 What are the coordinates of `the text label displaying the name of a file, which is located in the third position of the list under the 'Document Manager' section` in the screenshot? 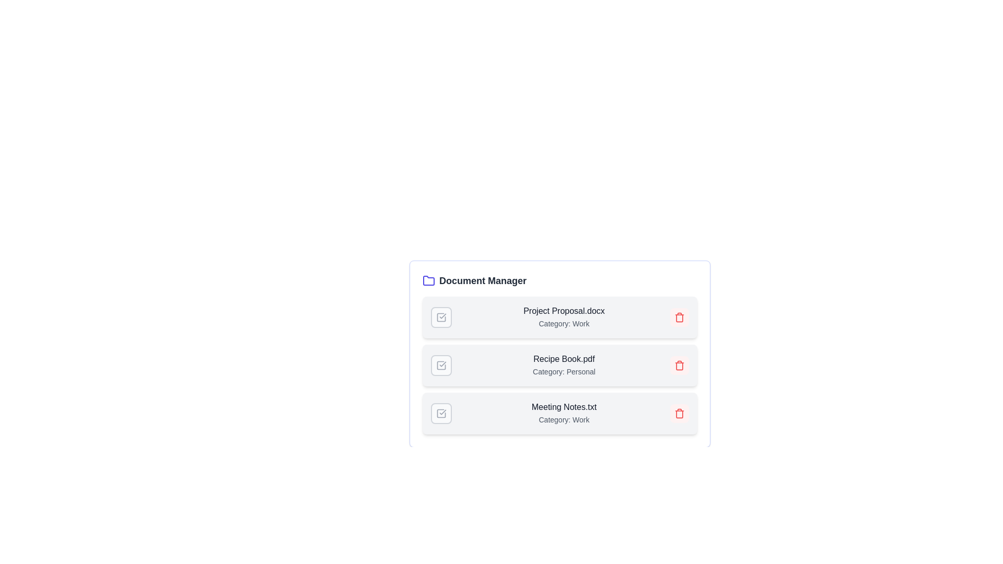 It's located at (564, 406).